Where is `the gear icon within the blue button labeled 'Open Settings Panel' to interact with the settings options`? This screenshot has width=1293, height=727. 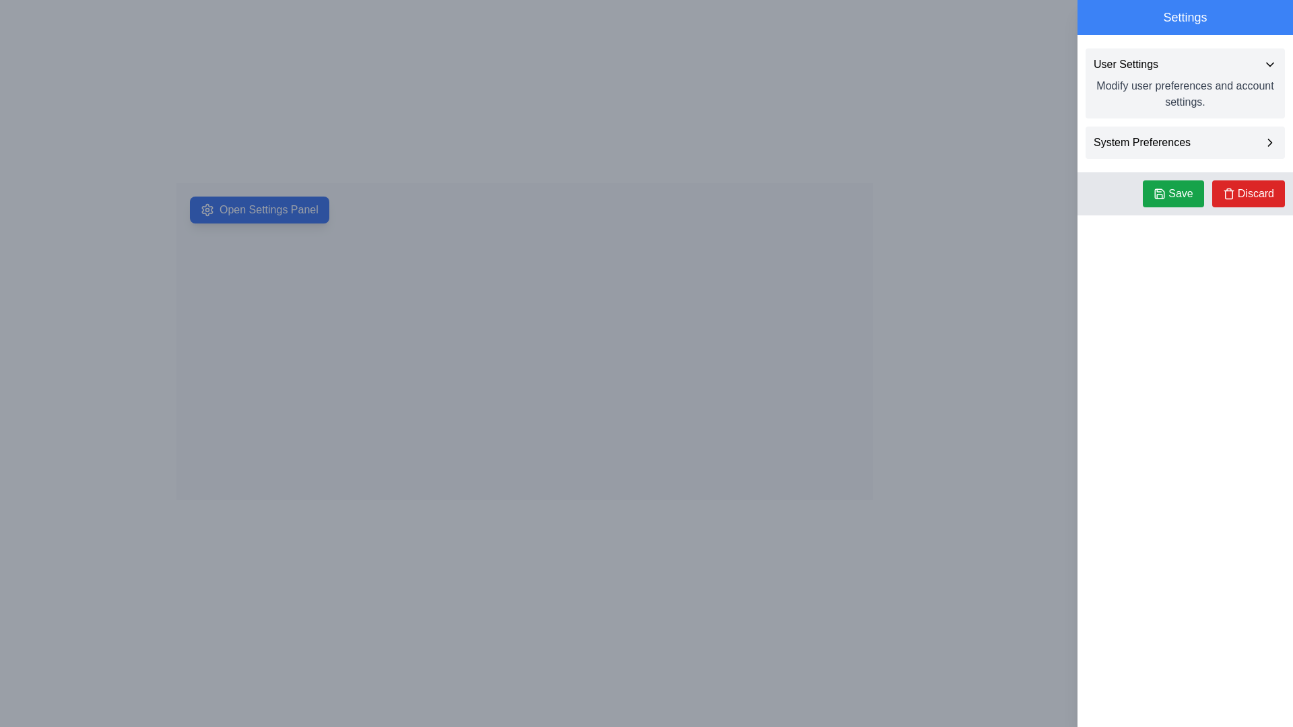
the gear icon within the blue button labeled 'Open Settings Panel' to interact with the settings options is located at coordinates (206, 210).